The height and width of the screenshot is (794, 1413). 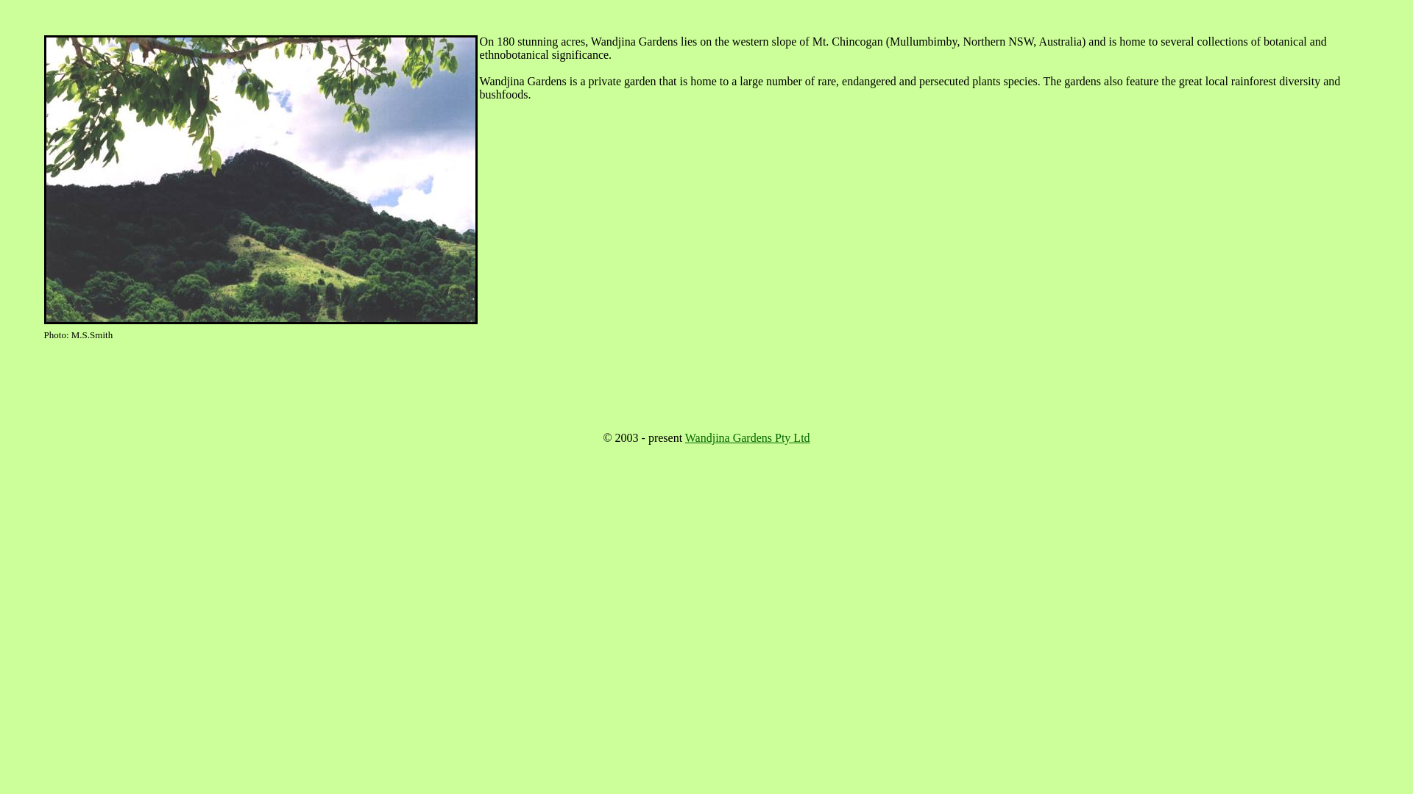 I want to click on 'Wandjina Gardens Pty Ltd', so click(x=748, y=437).